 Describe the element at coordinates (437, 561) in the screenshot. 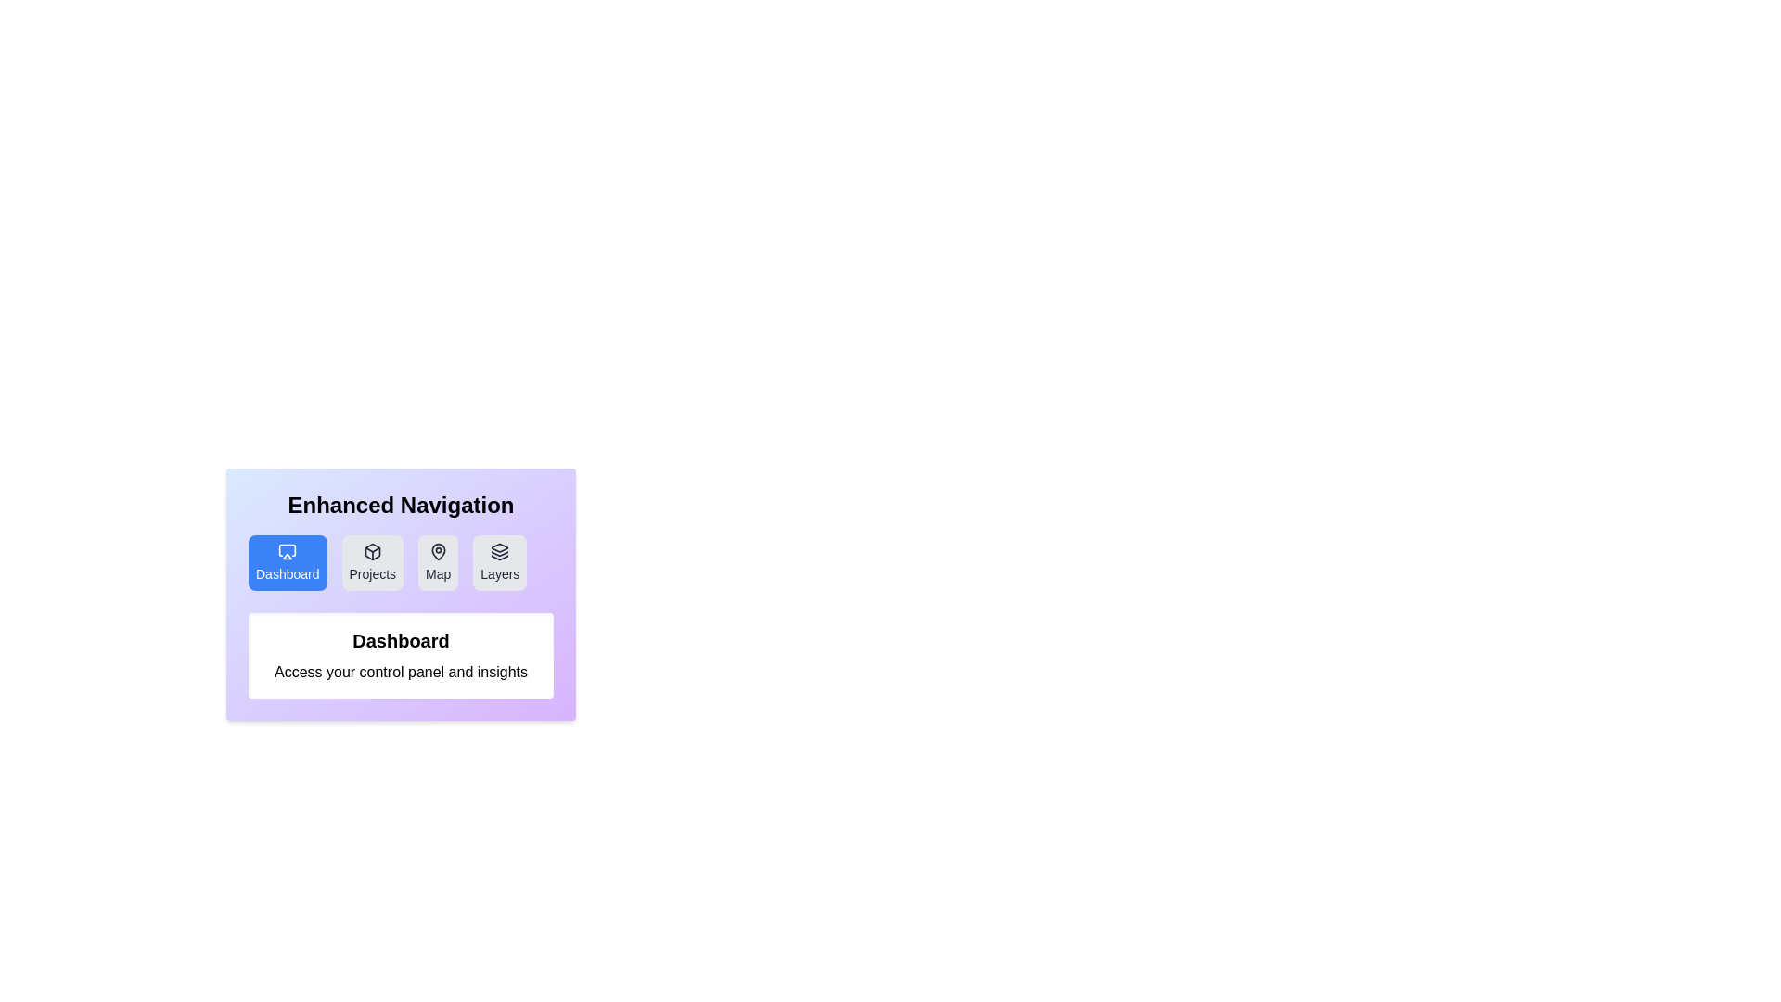

I see `the Map tab by clicking on its button` at that location.